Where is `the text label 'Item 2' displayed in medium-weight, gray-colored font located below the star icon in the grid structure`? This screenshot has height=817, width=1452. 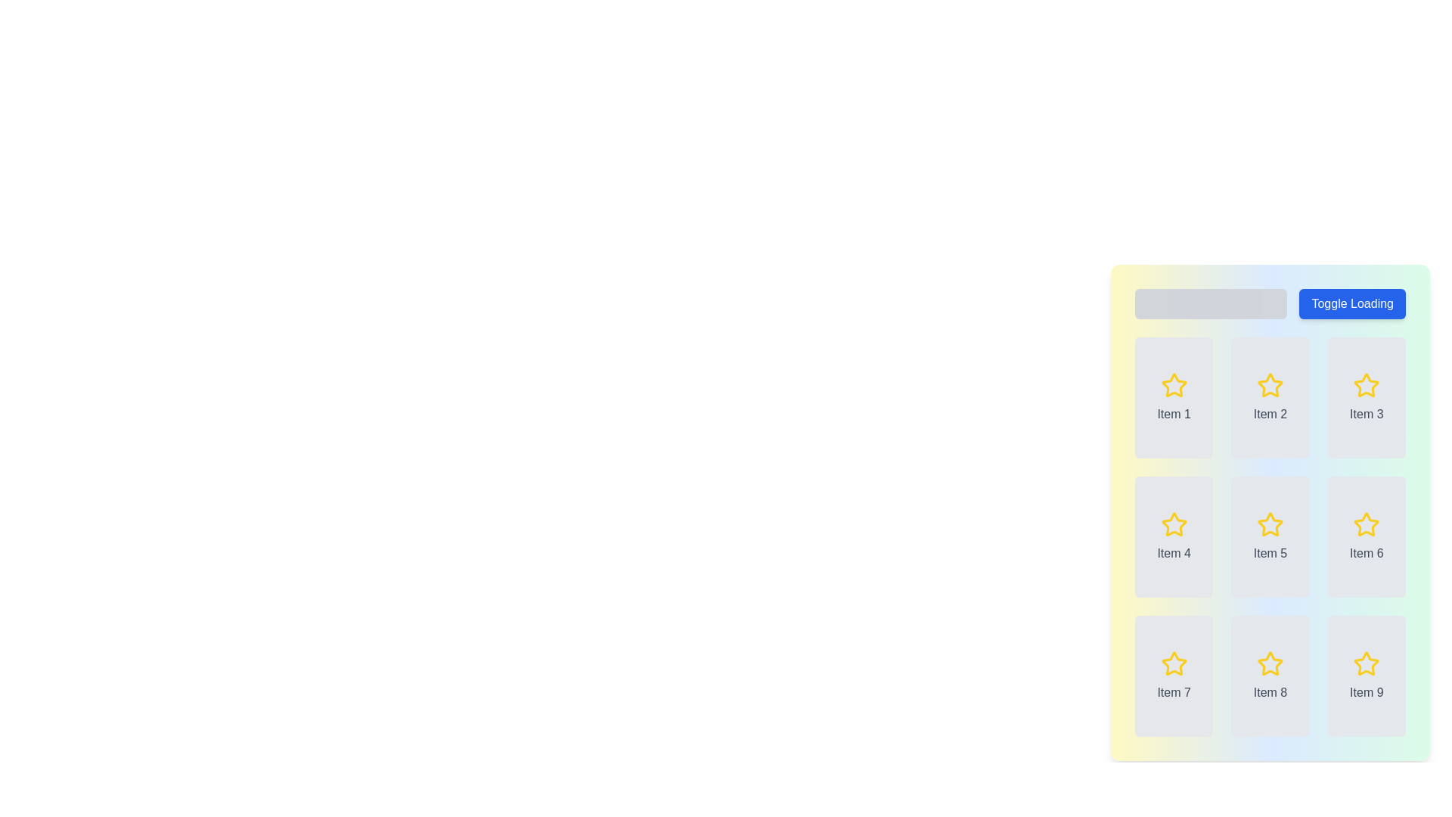 the text label 'Item 2' displayed in medium-weight, gray-colored font located below the star icon in the grid structure is located at coordinates (1270, 414).